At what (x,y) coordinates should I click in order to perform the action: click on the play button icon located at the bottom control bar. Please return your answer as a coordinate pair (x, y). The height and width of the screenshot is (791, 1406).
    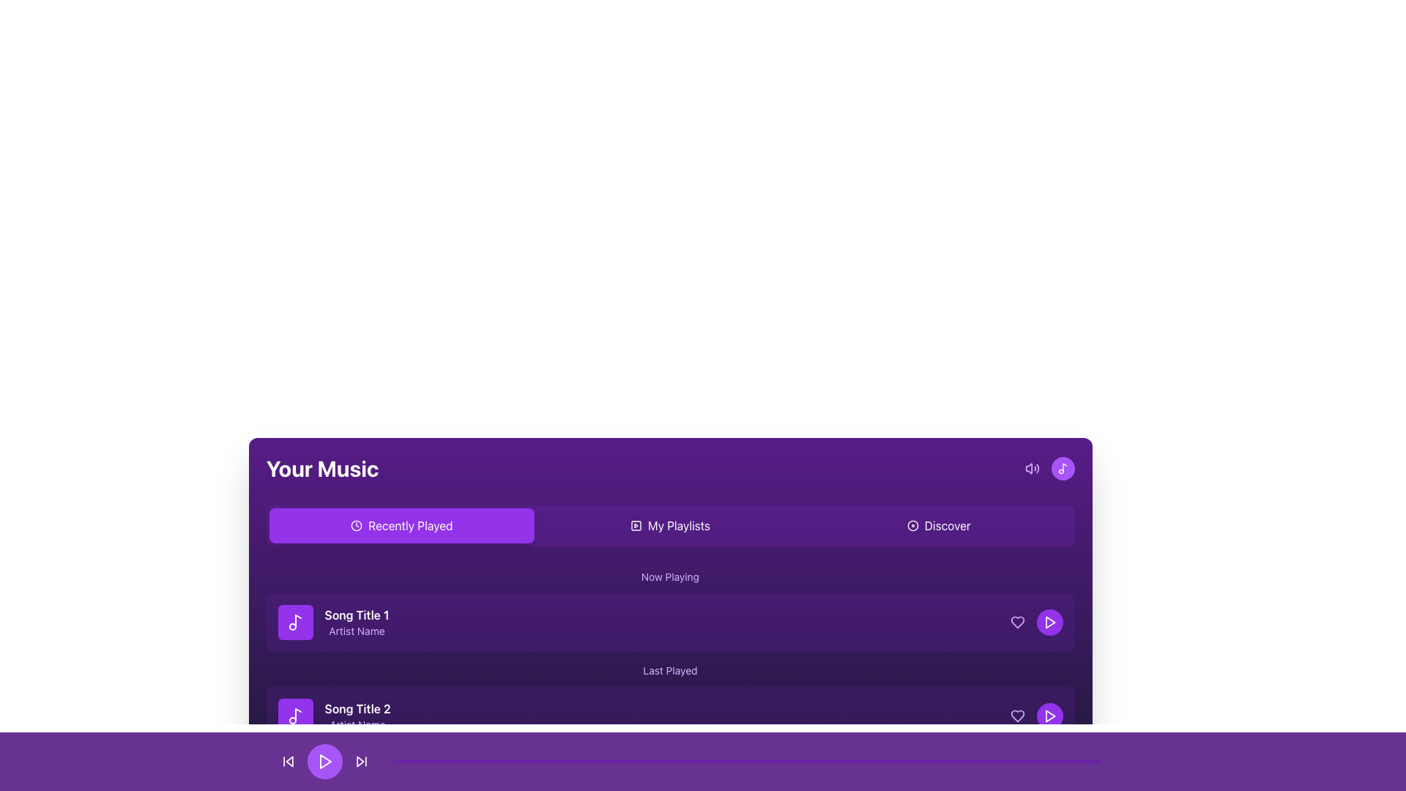
    Looking at the image, I should click on (324, 761).